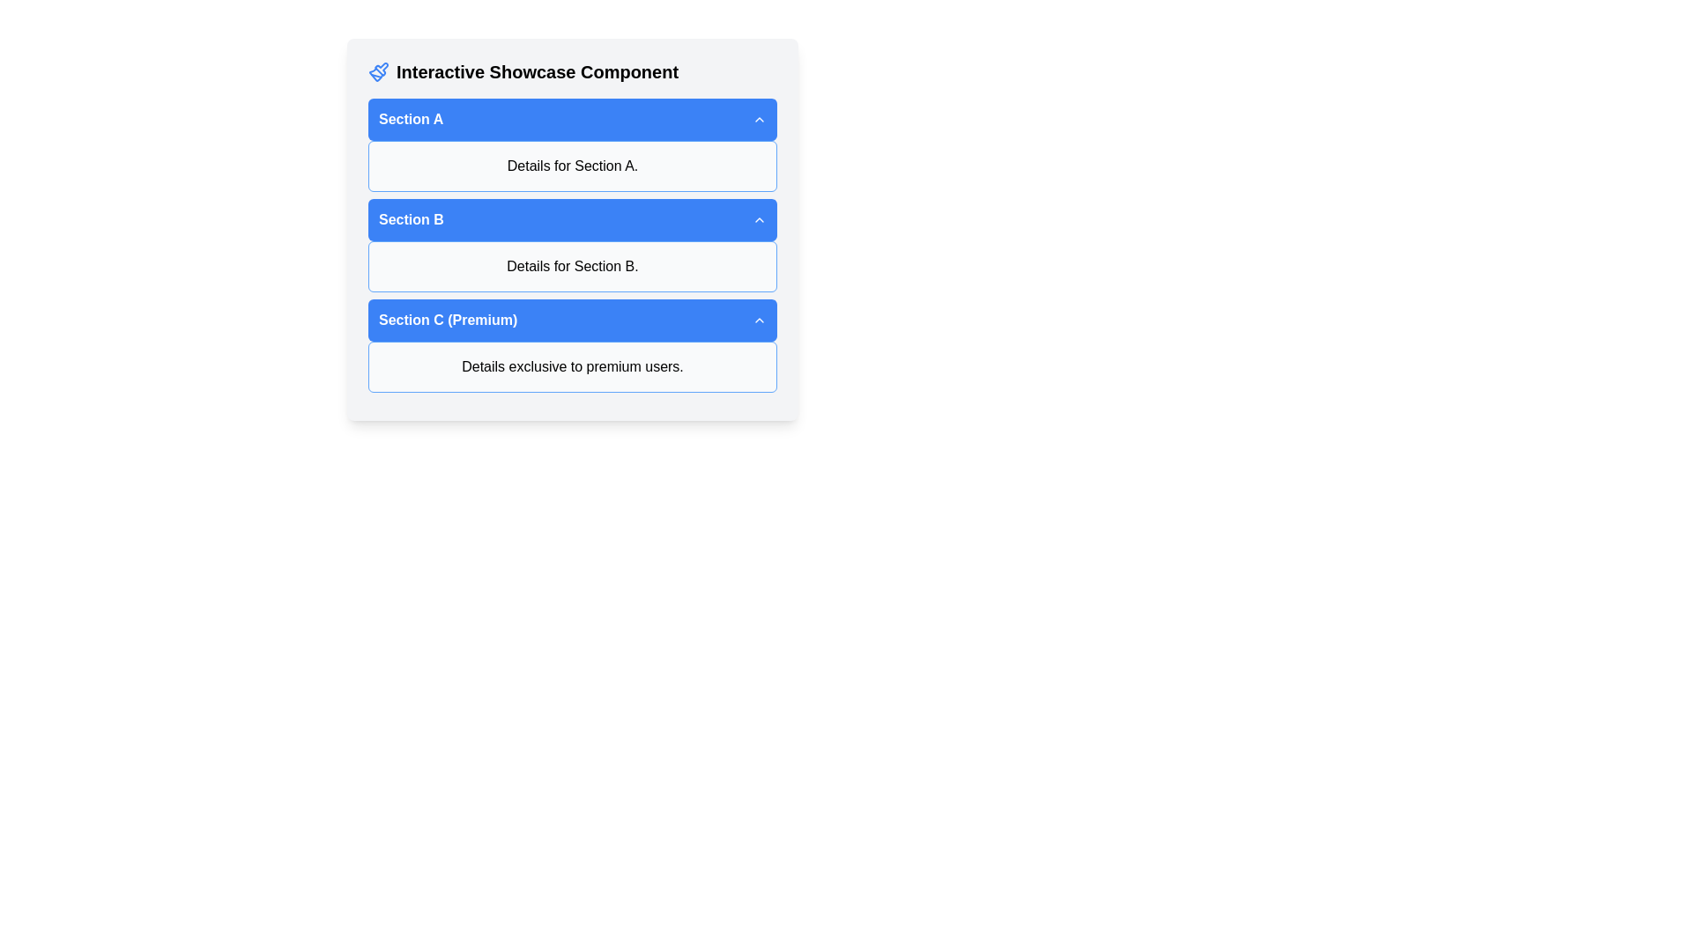 Image resolution: width=1692 pixels, height=951 pixels. Describe the element at coordinates (760, 219) in the screenshot. I see `the icon/button located to the right of the header labeled 'Section B'` at that location.